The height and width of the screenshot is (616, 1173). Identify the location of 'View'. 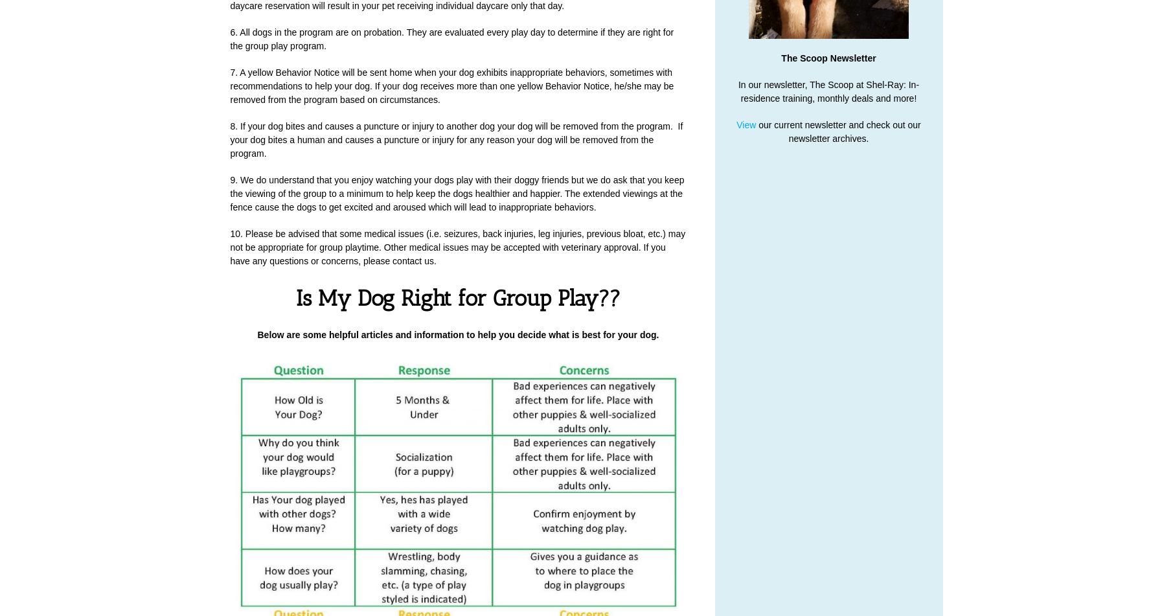
(745, 124).